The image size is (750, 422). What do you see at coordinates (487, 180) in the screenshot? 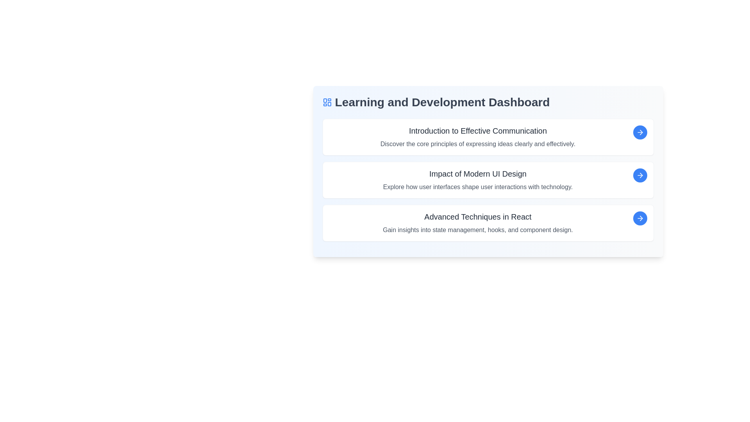
I see `the section containing the title 'Impact of Modern UI Design' and its description text, which is visually separated by light borders and a slight shadow` at bounding box center [487, 180].